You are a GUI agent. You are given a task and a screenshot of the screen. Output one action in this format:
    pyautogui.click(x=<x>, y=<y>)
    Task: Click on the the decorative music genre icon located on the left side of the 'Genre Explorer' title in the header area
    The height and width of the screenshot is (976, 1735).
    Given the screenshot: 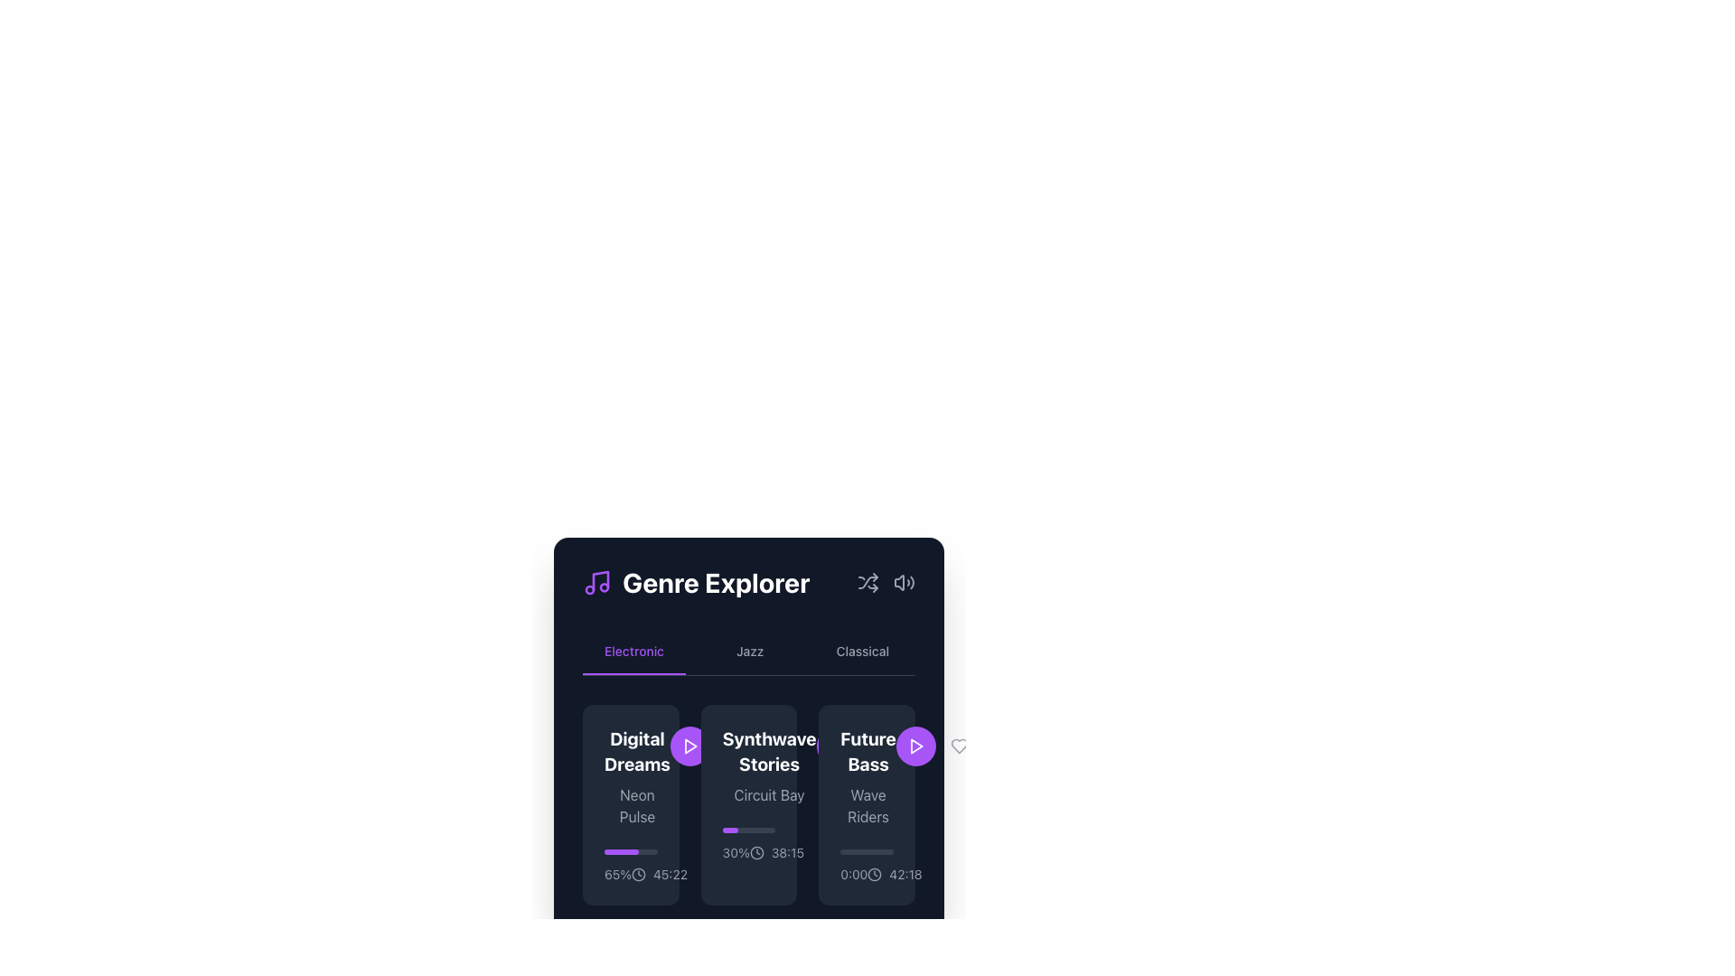 What is the action you would take?
    pyautogui.click(x=597, y=582)
    